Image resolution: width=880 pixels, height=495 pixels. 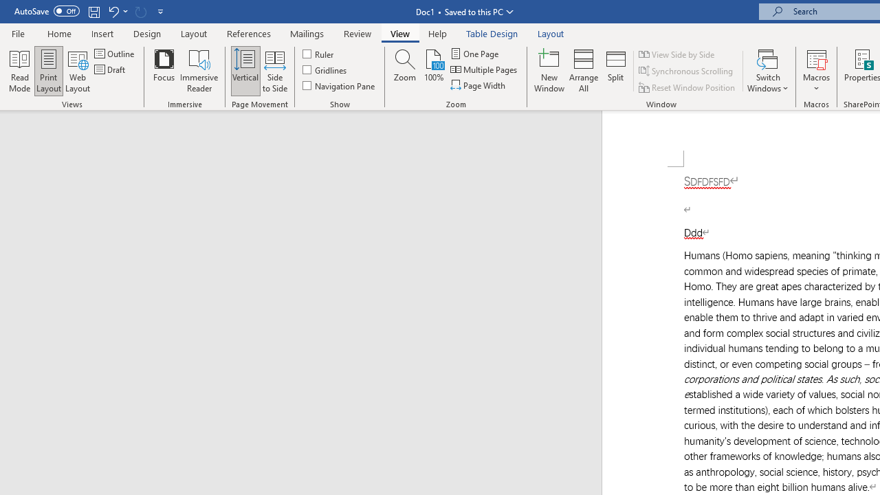 What do you see at coordinates (816, 58) in the screenshot?
I see `'View Macros'` at bounding box center [816, 58].